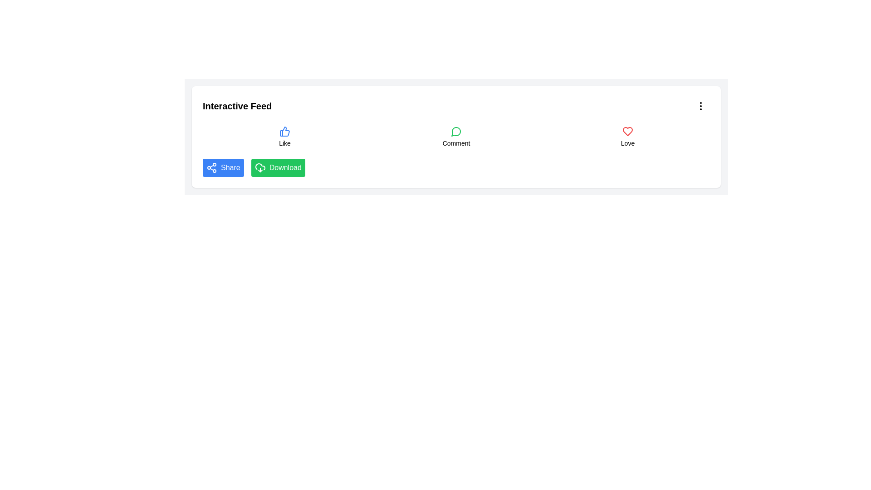 The image size is (871, 490). Describe the element at coordinates (627, 143) in the screenshot. I see `text label displaying 'Love' located below the red heart icon in the interaction icons section` at that location.